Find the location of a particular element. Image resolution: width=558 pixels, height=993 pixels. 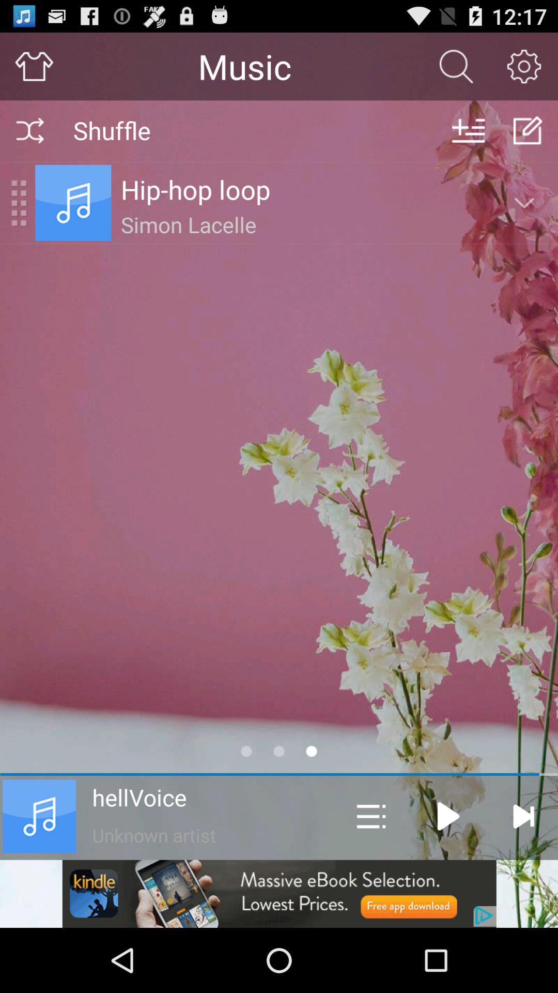

the play icon is located at coordinates (448, 873).